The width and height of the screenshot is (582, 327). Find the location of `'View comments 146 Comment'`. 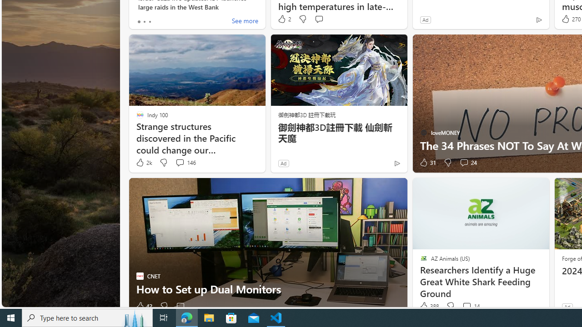

'View comments 146 Comment' is located at coordinates (185, 162).